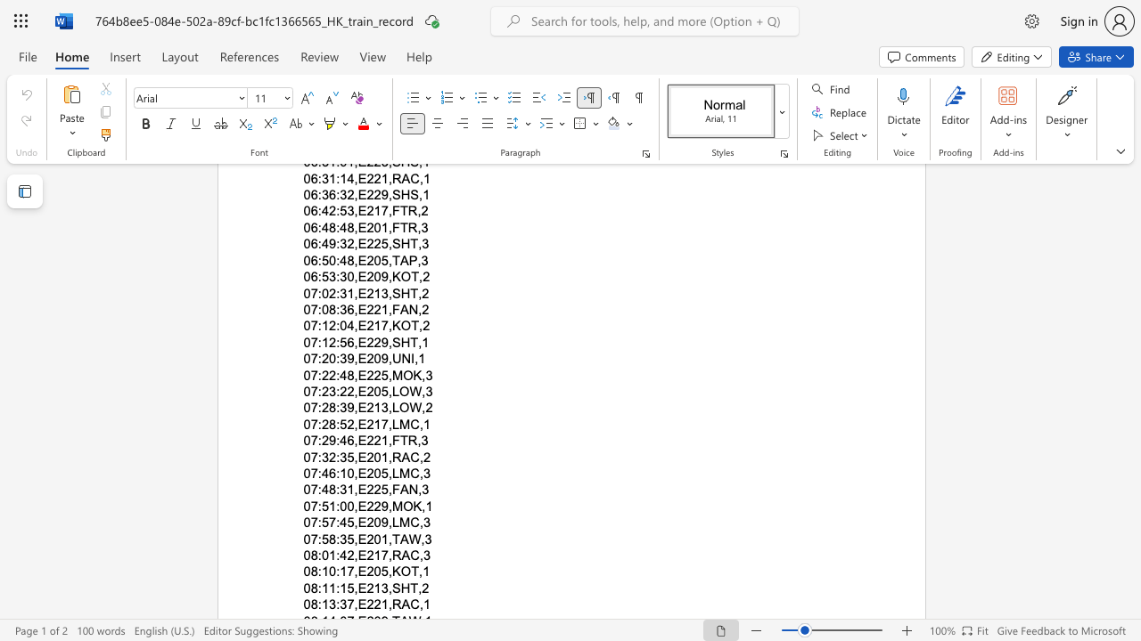 The height and width of the screenshot is (641, 1141). Describe the element at coordinates (398, 472) in the screenshot. I see `the subset text "MC," within the text "07:46:10,E205,LMC,3"` at that location.